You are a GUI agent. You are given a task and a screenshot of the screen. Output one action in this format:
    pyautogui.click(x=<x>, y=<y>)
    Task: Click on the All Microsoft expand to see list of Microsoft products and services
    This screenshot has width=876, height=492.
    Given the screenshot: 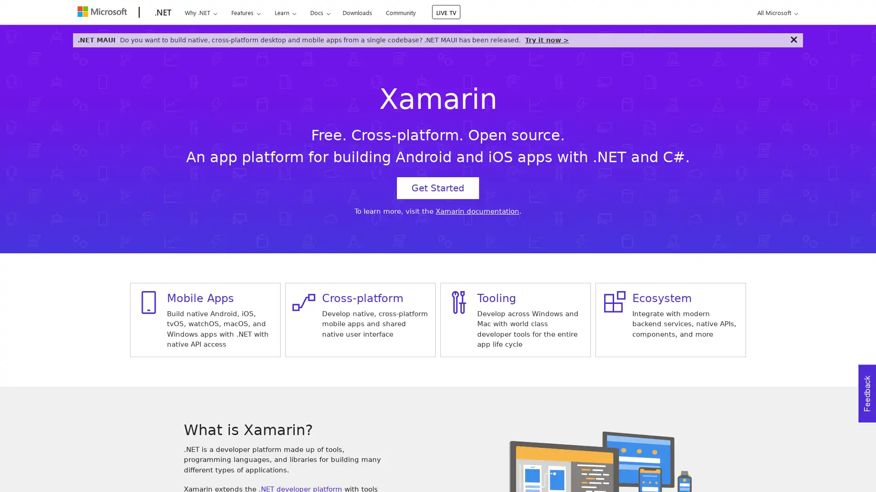 What is the action you would take?
    pyautogui.click(x=776, y=12)
    